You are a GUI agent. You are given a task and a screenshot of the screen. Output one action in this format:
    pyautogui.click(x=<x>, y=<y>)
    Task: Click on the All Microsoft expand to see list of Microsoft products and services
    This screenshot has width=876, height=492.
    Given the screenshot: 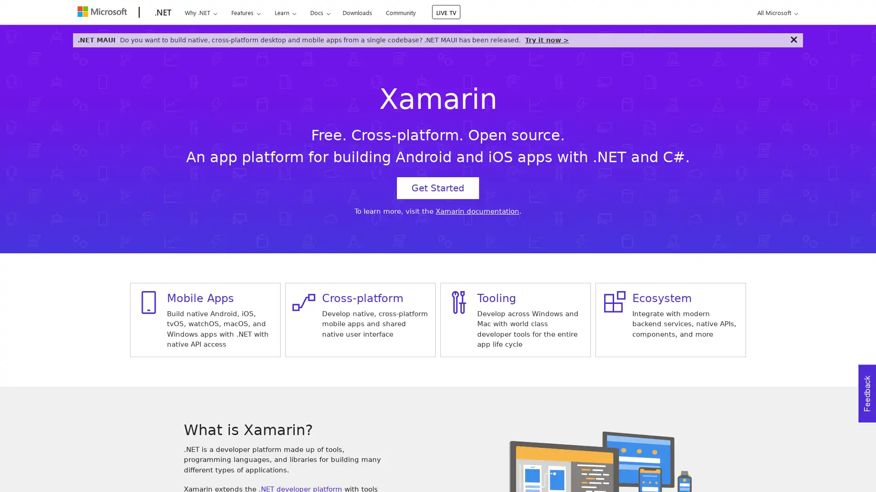 What is the action you would take?
    pyautogui.click(x=776, y=12)
    